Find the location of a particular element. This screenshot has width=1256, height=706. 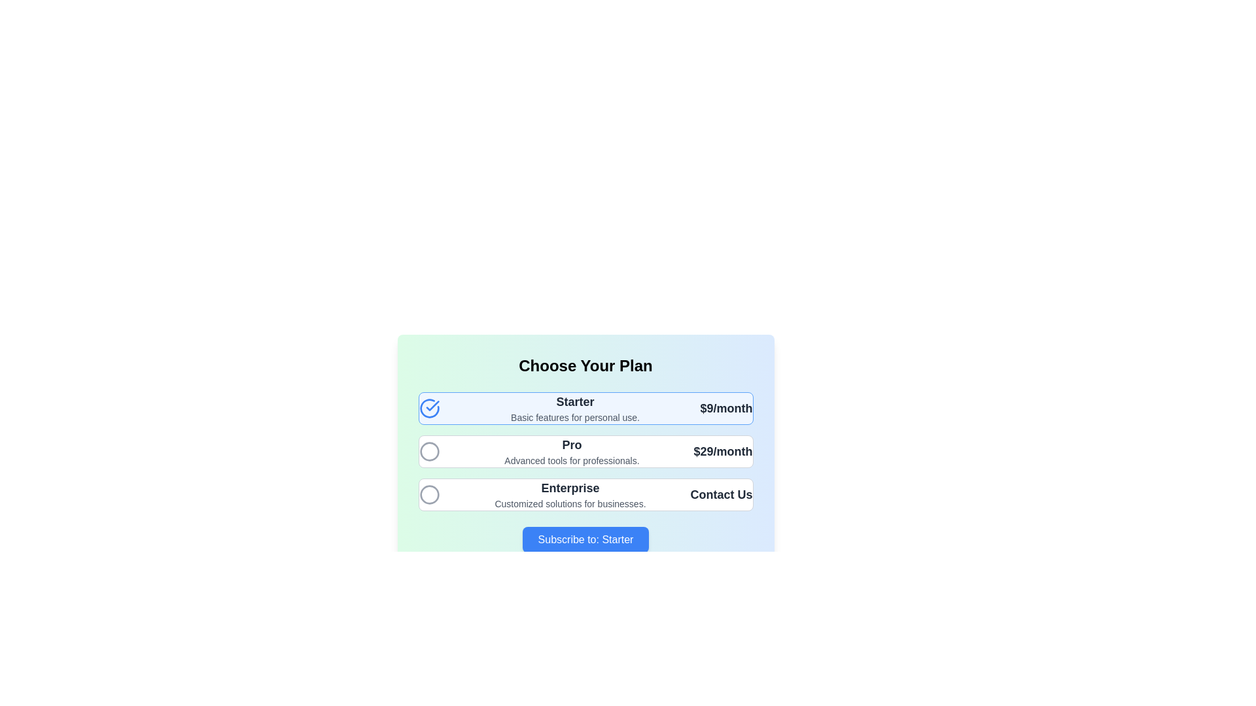

the text block that presents the name and description of the 'Enterprise' plan is located at coordinates (570, 494).